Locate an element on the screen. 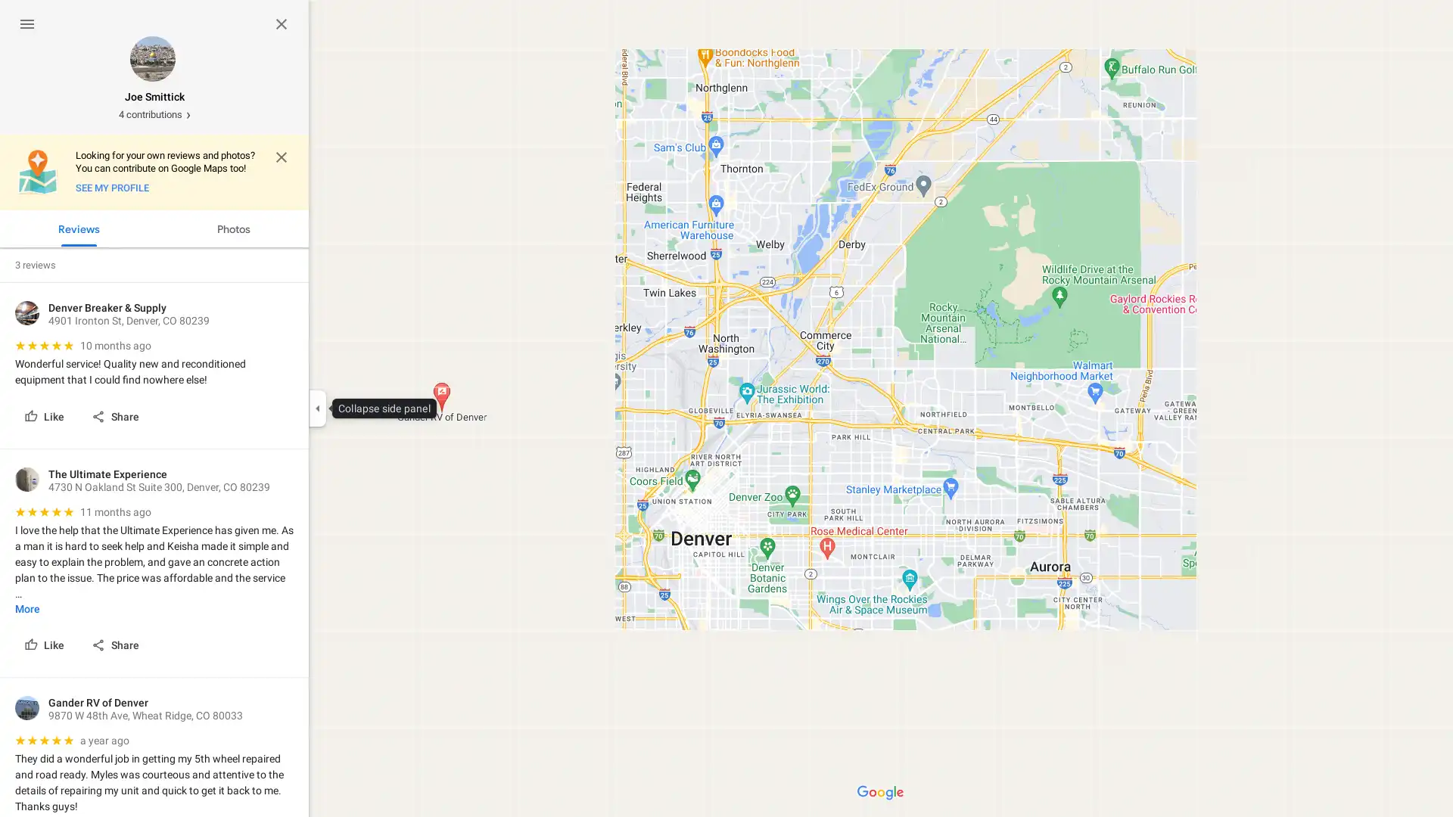 The width and height of the screenshot is (1453, 817). Mark Denver Breaker & Supply's review as helpful. is located at coordinates (45, 416).